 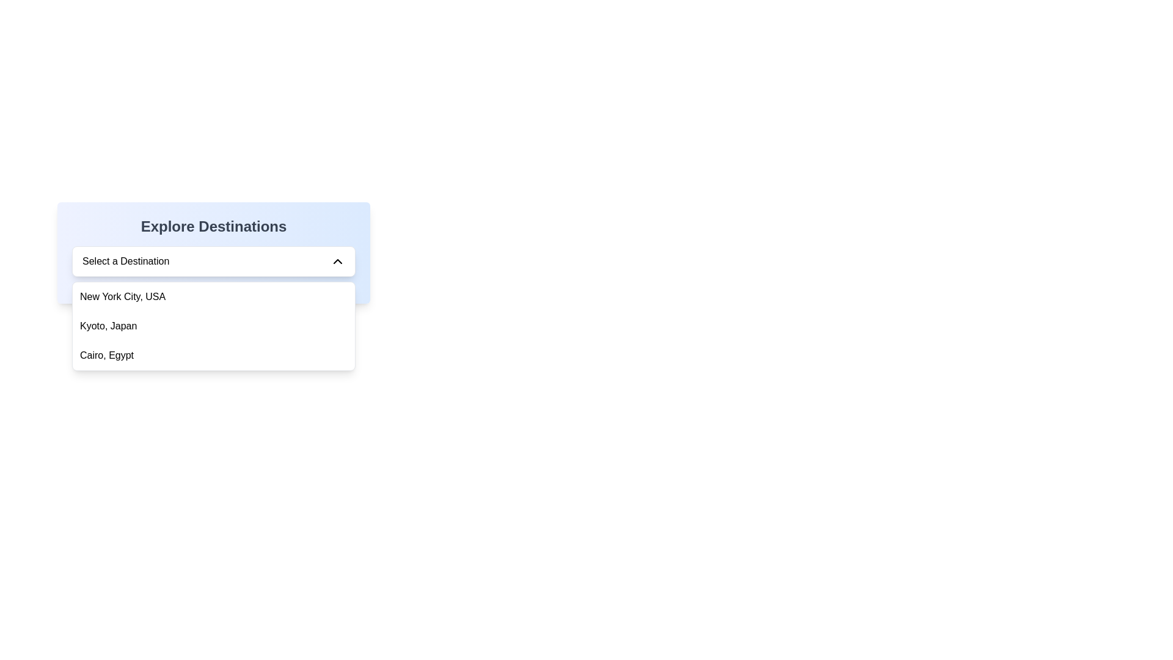 What do you see at coordinates (214, 297) in the screenshot?
I see `the list item displaying 'New York City, USA'` at bounding box center [214, 297].